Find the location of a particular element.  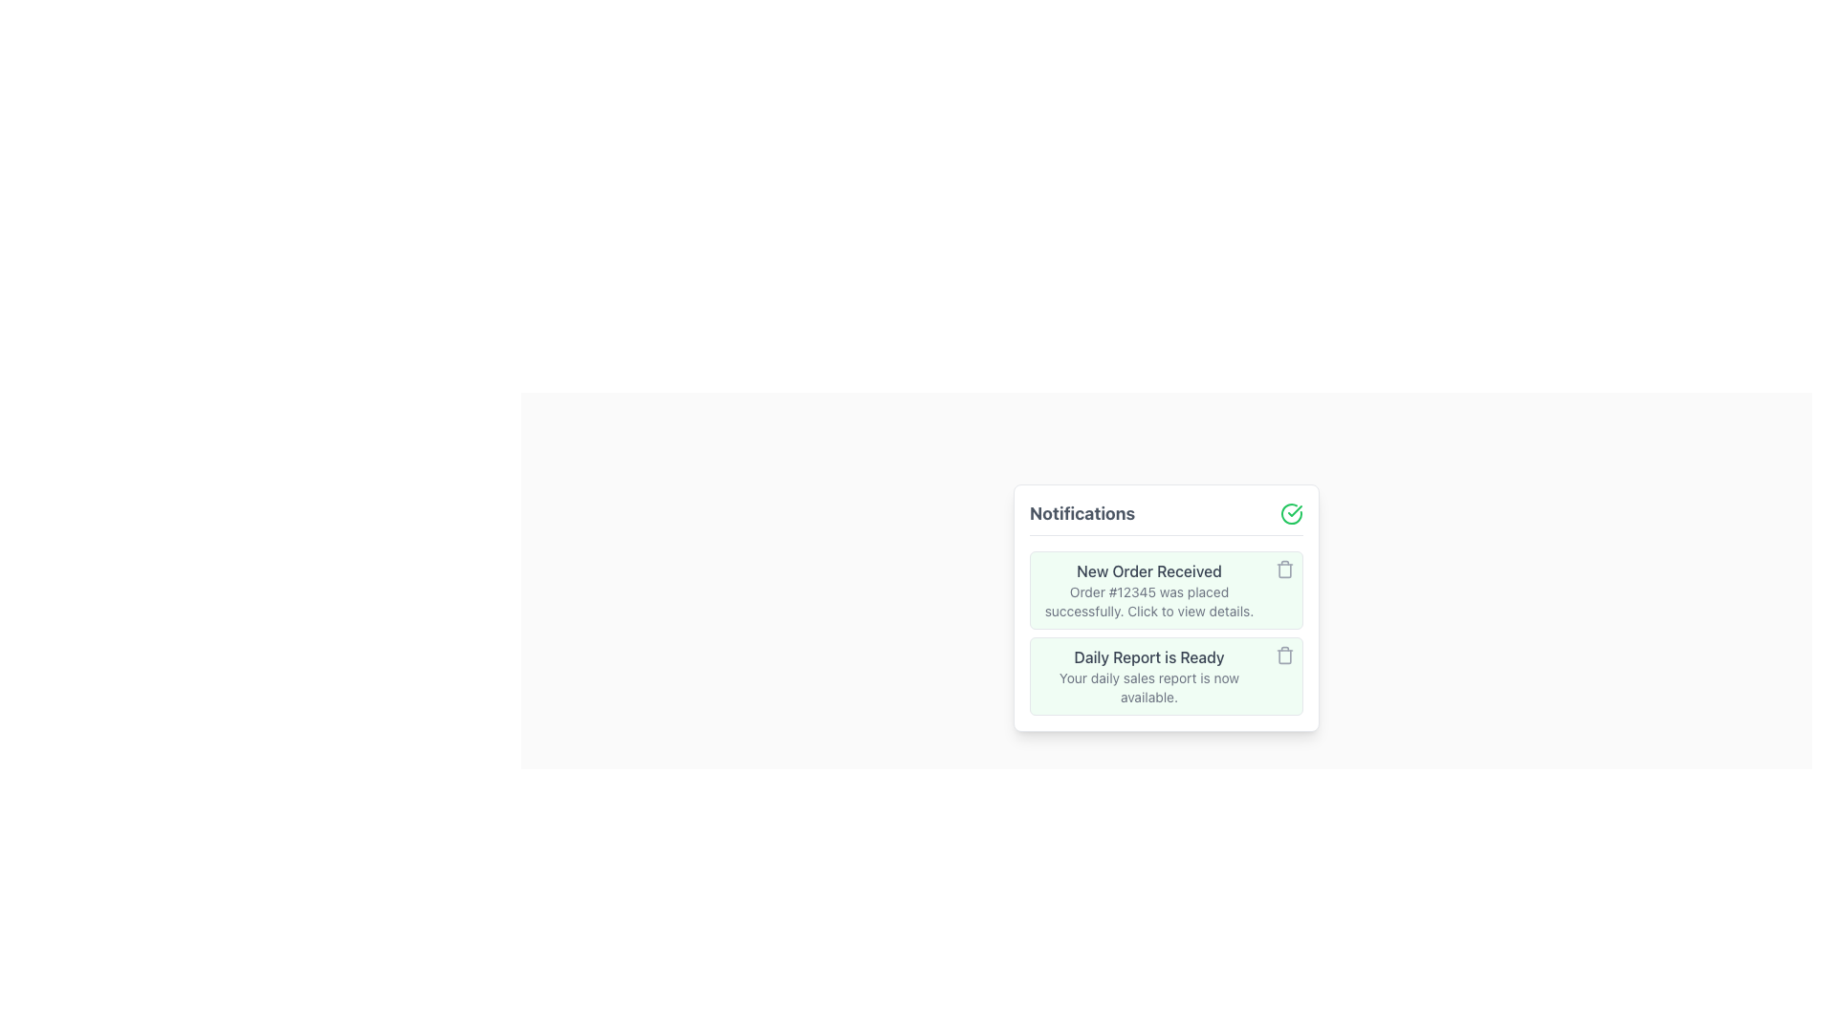

the trash bin icon button located in the top notification card on the far right is located at coordinates (1285, 569).